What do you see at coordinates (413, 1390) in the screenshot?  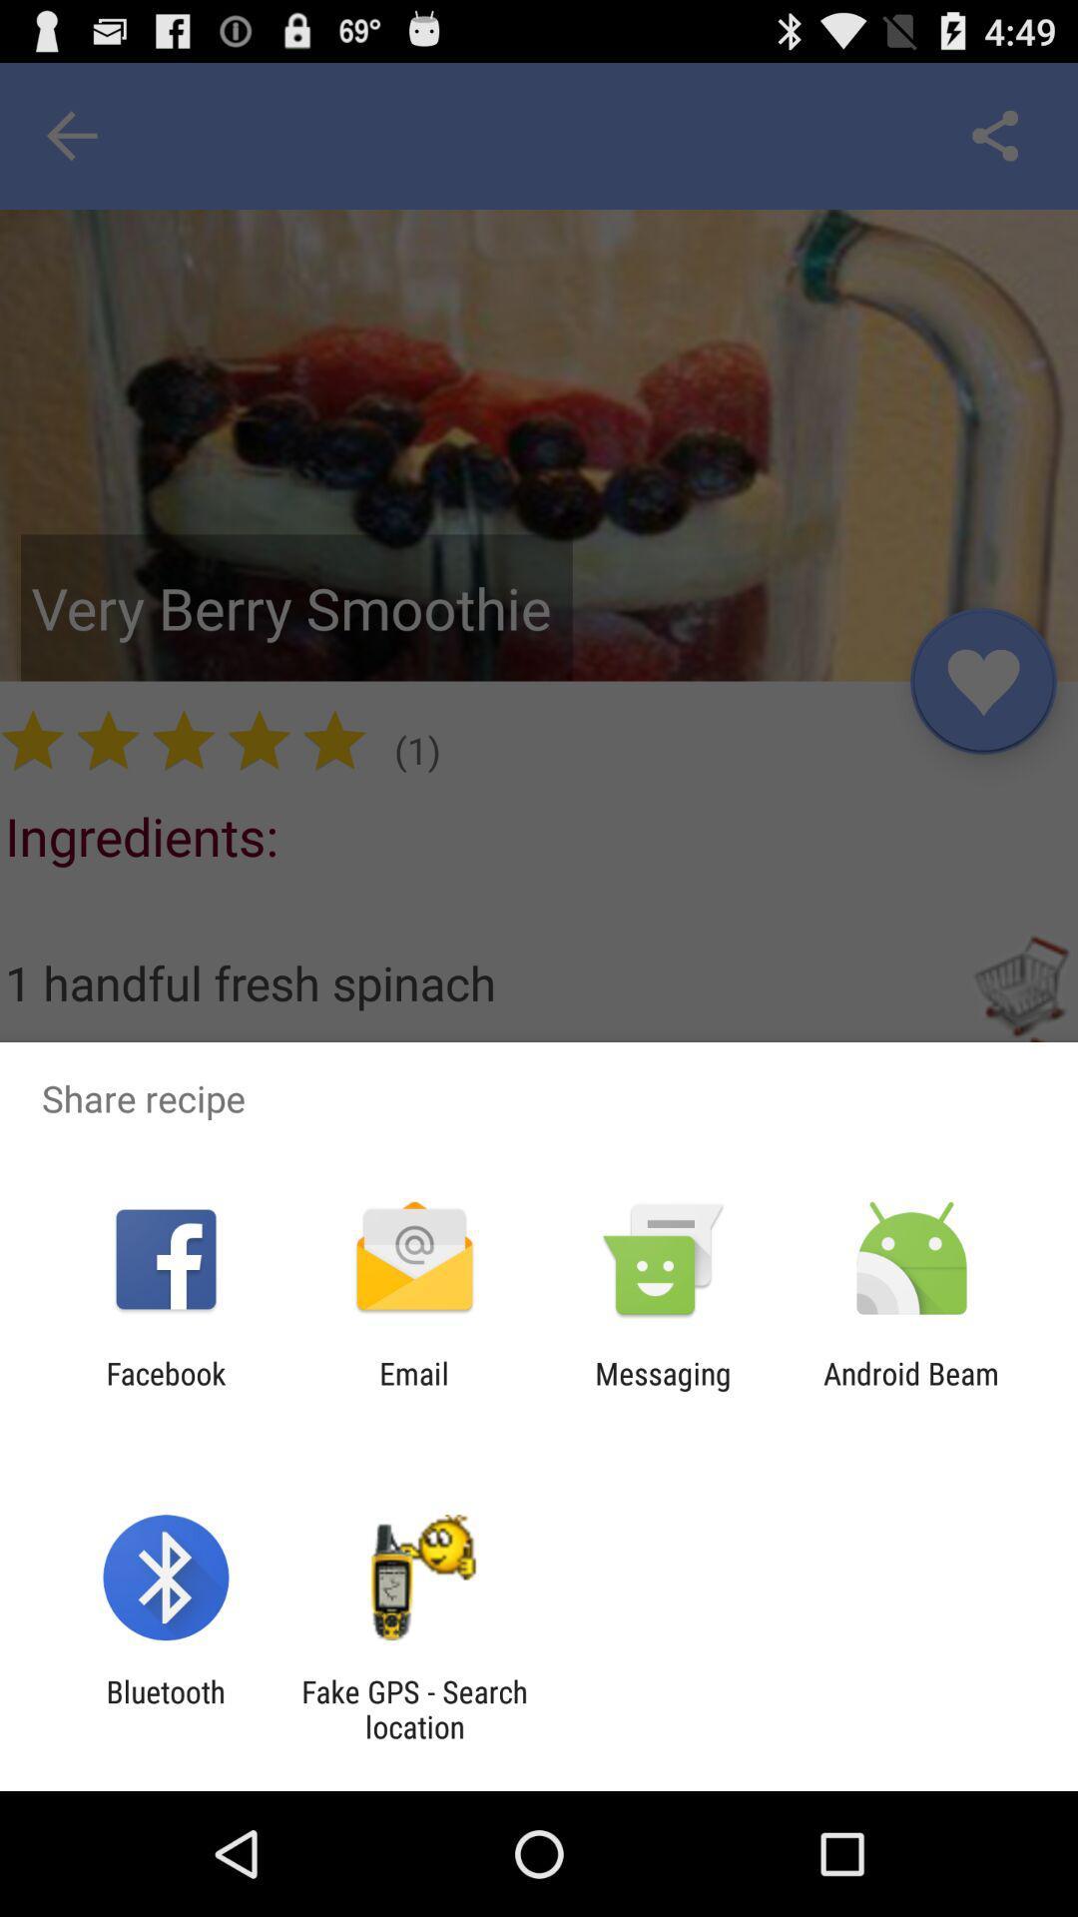 I see `the icon to the right of facebook app` at bounding box center [413, 1390].